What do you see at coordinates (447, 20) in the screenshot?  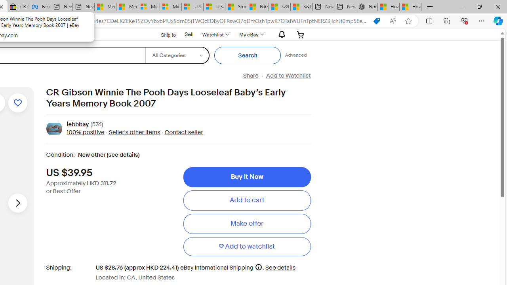 I see `'Collections'` at bounding box center [447, 20].